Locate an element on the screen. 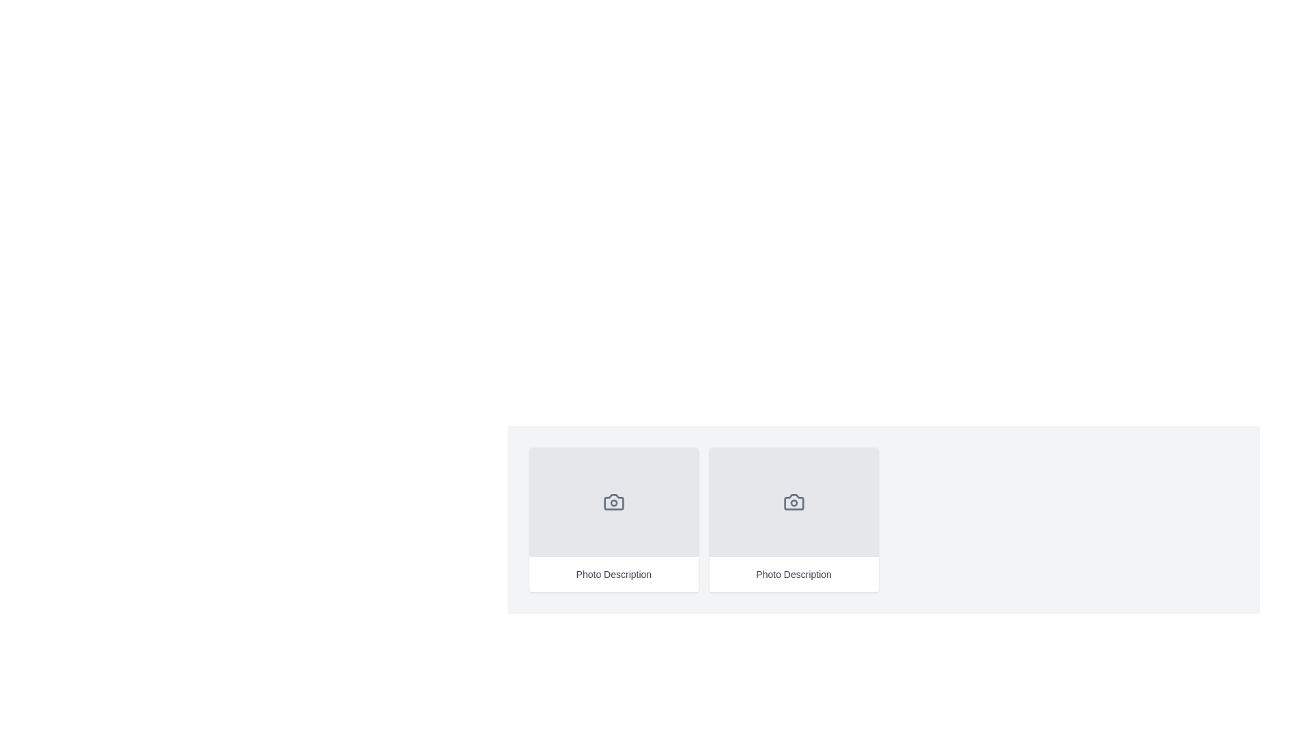  detailed camera icon element, which is a gray outlined graphic resembling a traditional camera, located in the rightmost box of two horizontally aligned boxes is located at coordinates (794, 502).